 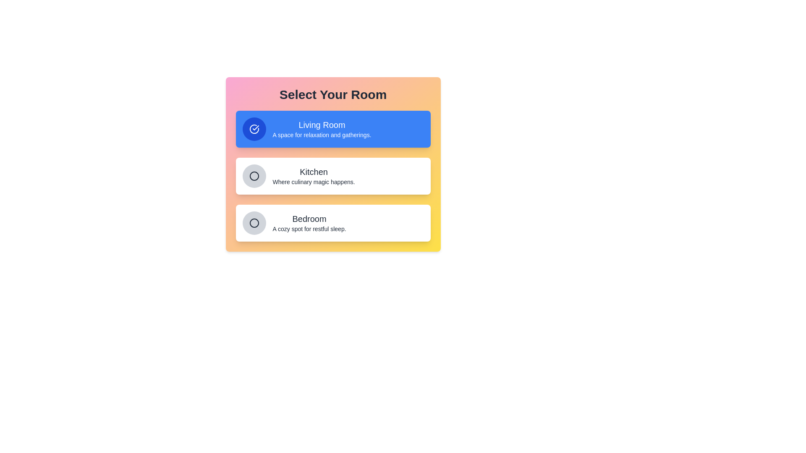 What do you see at coordinates (254, 176) in the screenshot?
I see `the decorative hollow circle icon next to the 'Kitchen' option in the menu to visually distinguish it from other items` at bounding box center [254, 176].